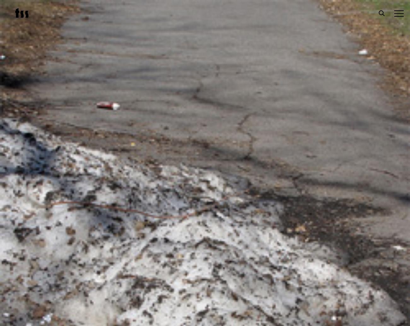  Describe the element at coordinates (41, 209) in the screenshot. I see `'Contributors'` at that location.